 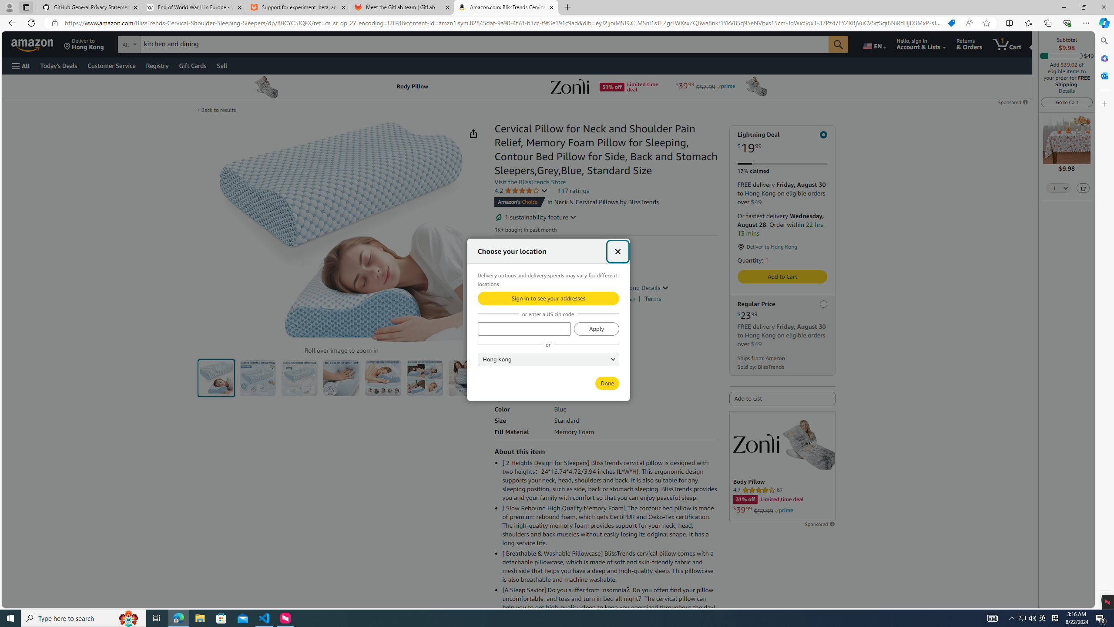 I want to click on 'Back to results', so click(x=218, y=110).